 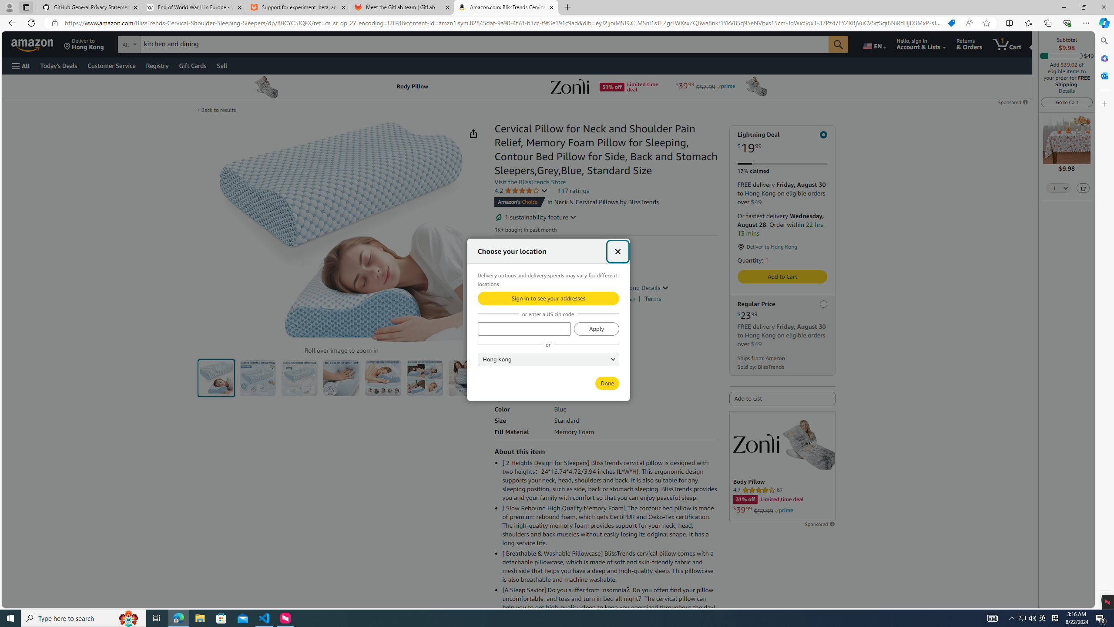 I want to click on 'Back to results', so click(x=218, y=110).